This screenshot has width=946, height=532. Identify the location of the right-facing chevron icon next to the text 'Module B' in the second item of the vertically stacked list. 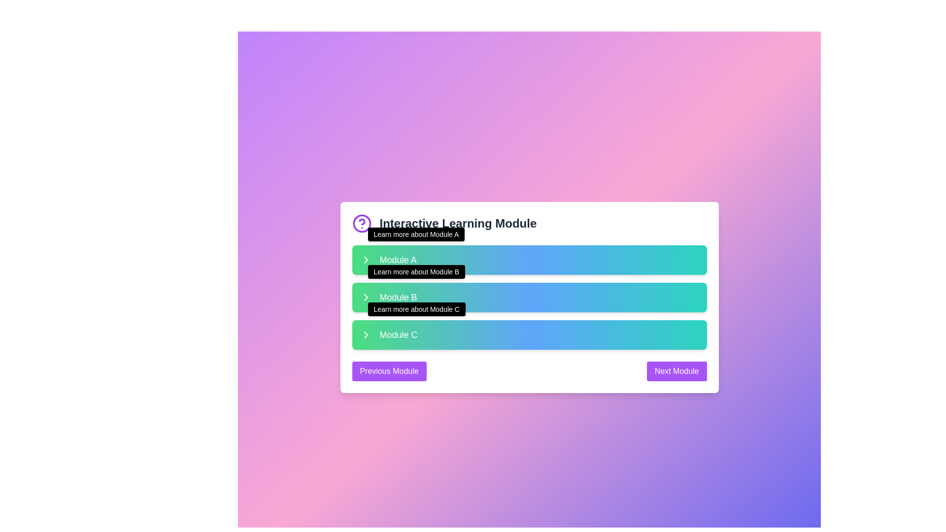
(365, 297).